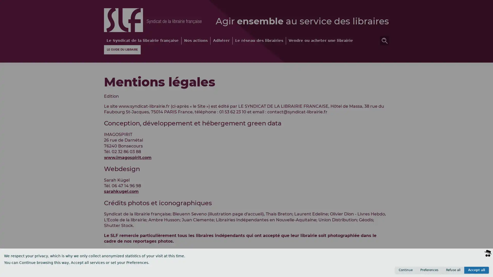 Image resolution: width=493 pixels, height=277 pixels. Describe the element at coordinates (462, 272) in the screenshot. I see `Invisible` at that location.